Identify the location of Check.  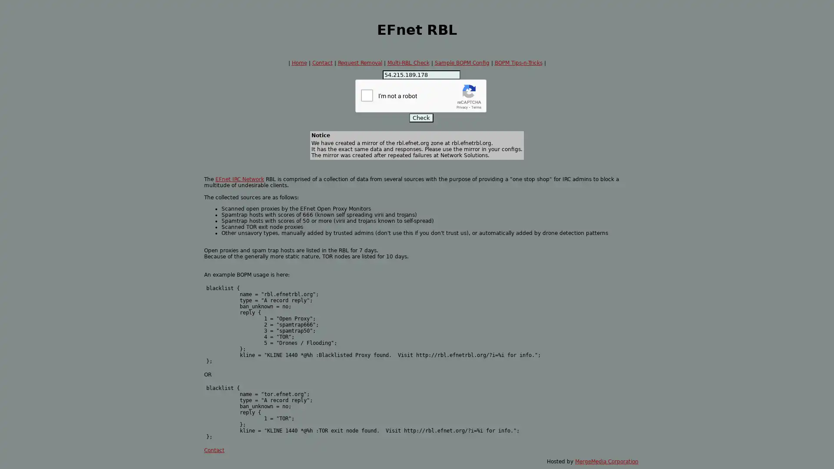
(421, 118).